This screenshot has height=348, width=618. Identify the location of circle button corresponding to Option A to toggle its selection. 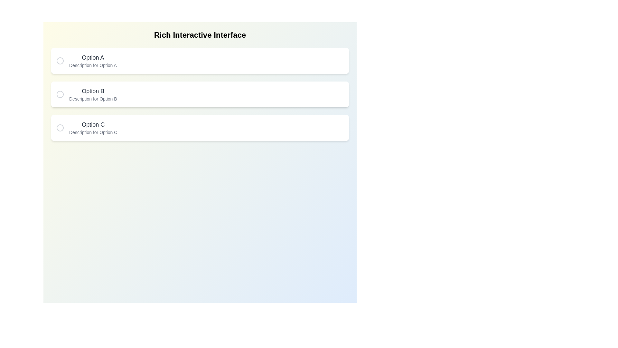
(60, 61).